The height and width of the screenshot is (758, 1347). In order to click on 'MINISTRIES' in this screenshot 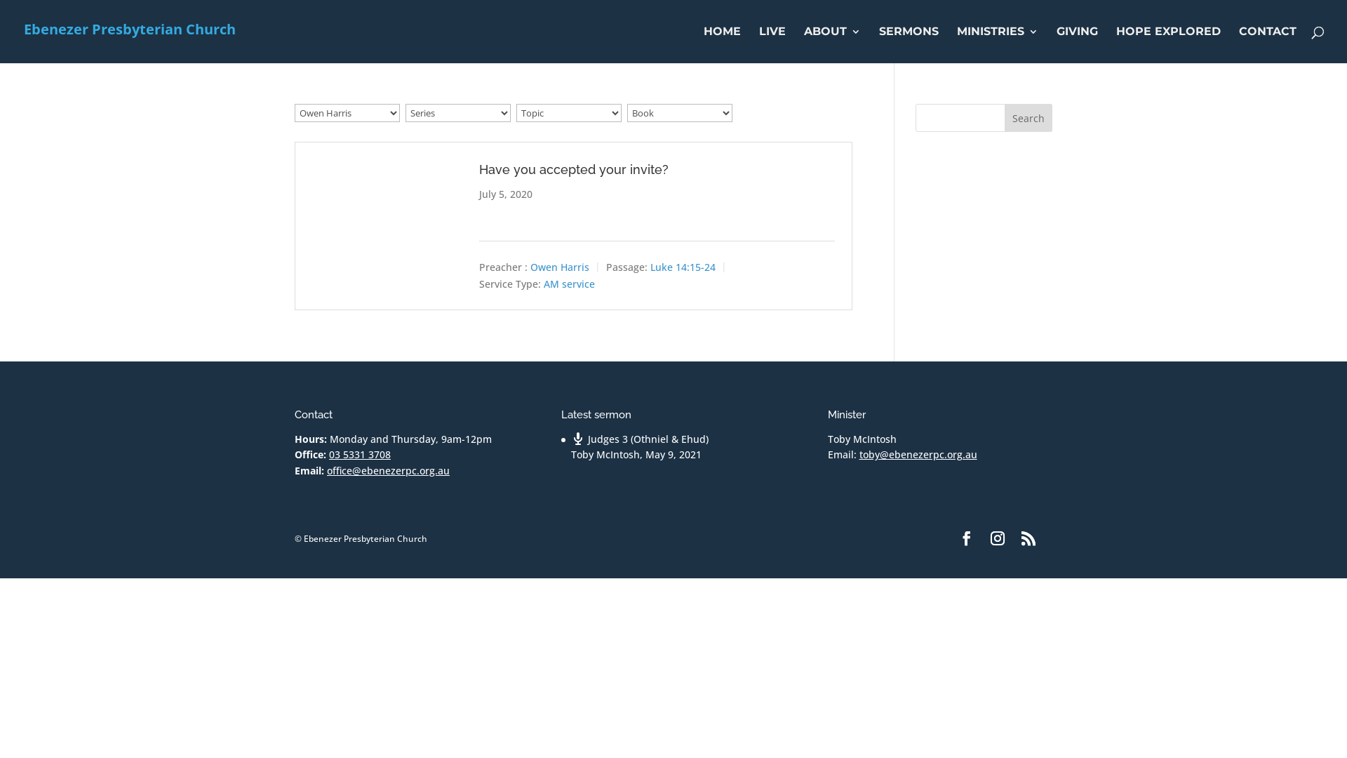, I will do `click(956, 44)`.